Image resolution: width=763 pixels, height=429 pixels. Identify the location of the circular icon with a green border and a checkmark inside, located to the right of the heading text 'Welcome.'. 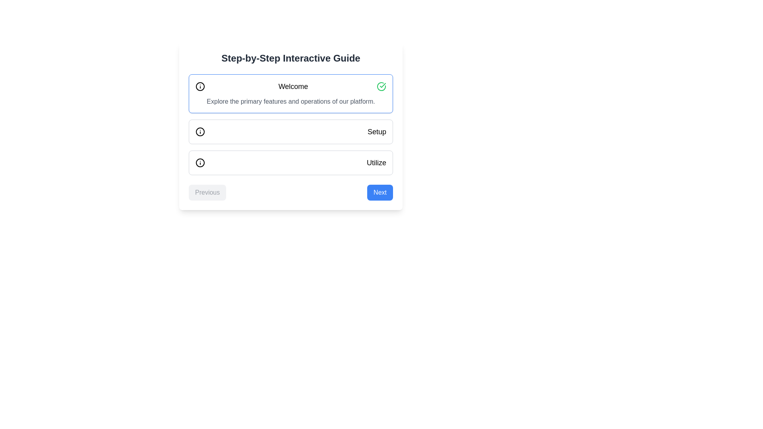
(381, 87).